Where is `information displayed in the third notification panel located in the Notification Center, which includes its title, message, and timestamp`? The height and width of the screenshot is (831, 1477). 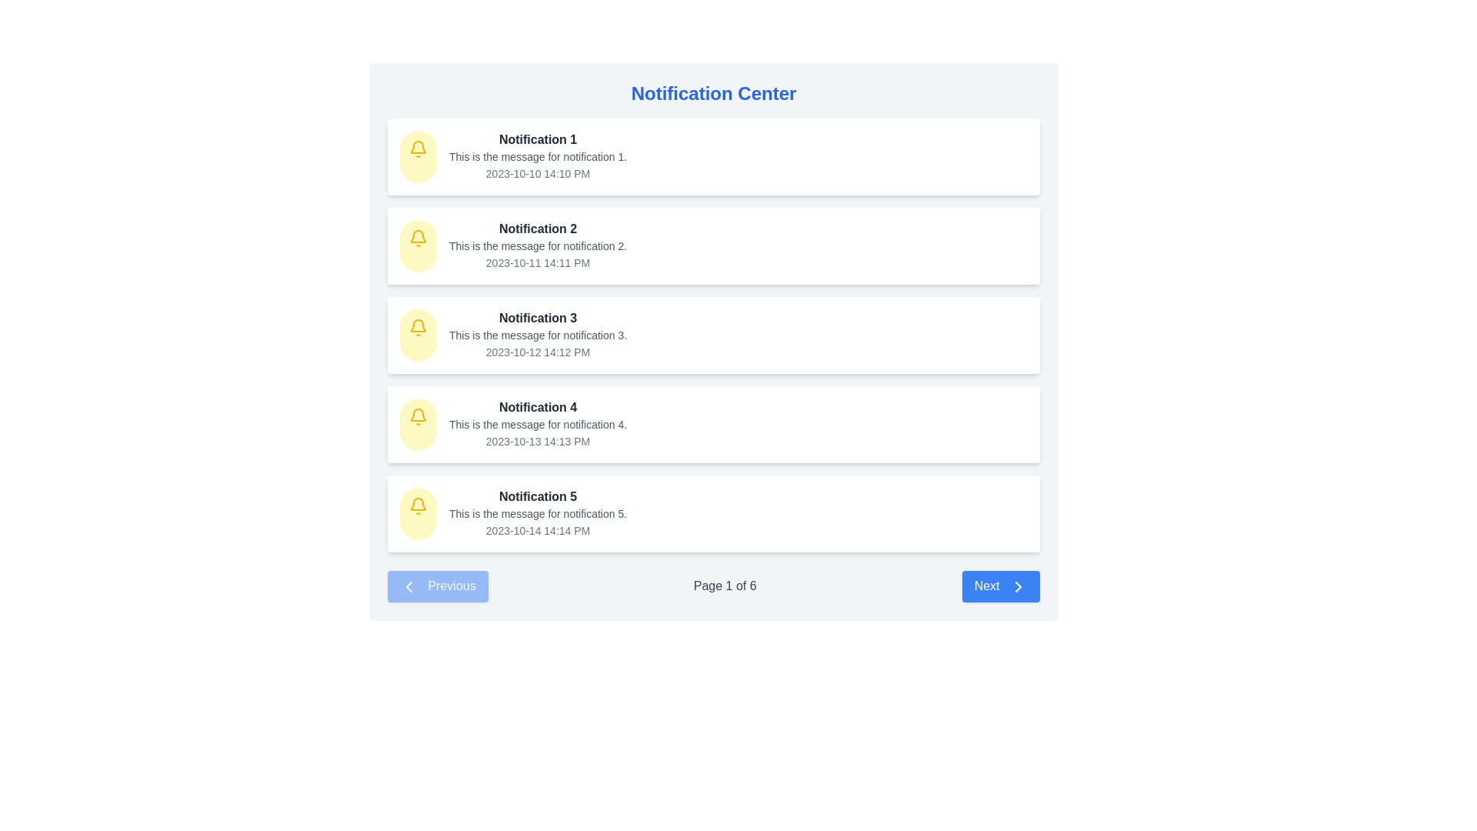 information displayed in the third notification panel located in the Notification Center, which includes its title, message, and timestamp is located at coordinates (538, 334).